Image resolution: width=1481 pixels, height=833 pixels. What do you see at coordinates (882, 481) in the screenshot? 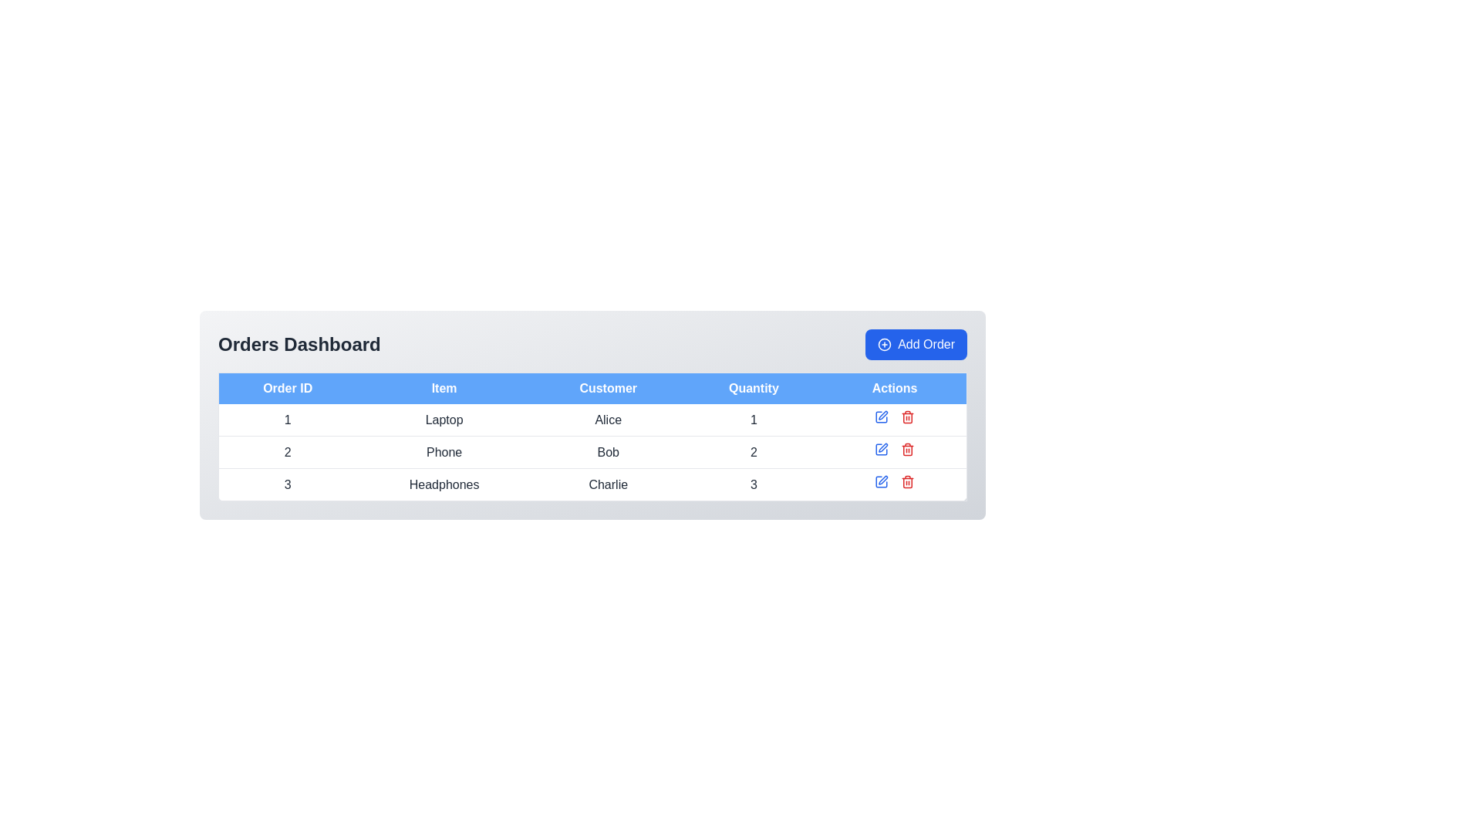
I see `the edit icon in the 'Actions' column for the third row corresponding to 'Charlie' and 'Headphones'` at bounding box center [882, 481].